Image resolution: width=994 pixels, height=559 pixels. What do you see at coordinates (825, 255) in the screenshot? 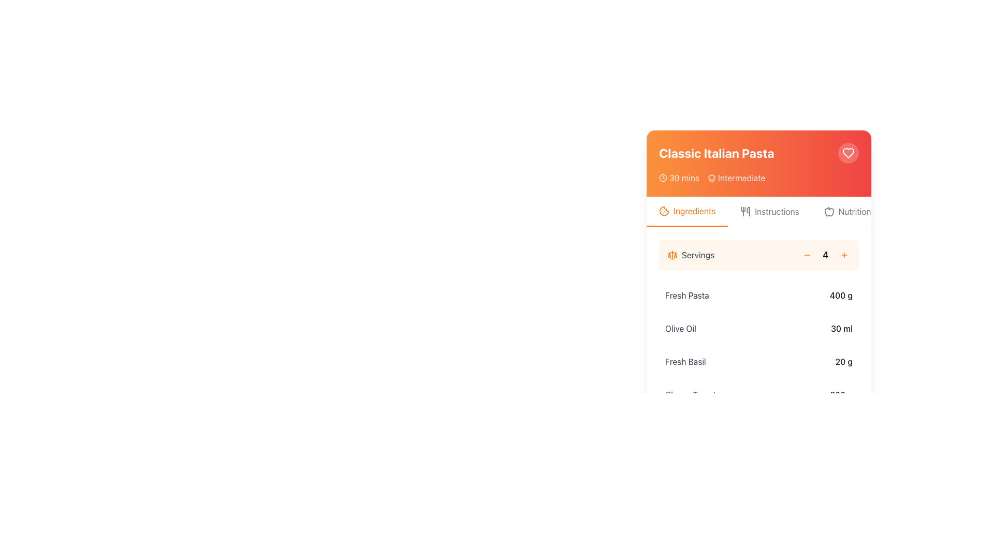
I see `the servings display element located in the middle section of the ingredient card, which indicates the count of servings and is positioned between the minus and plus buttons` at bounding box center [825, 255].